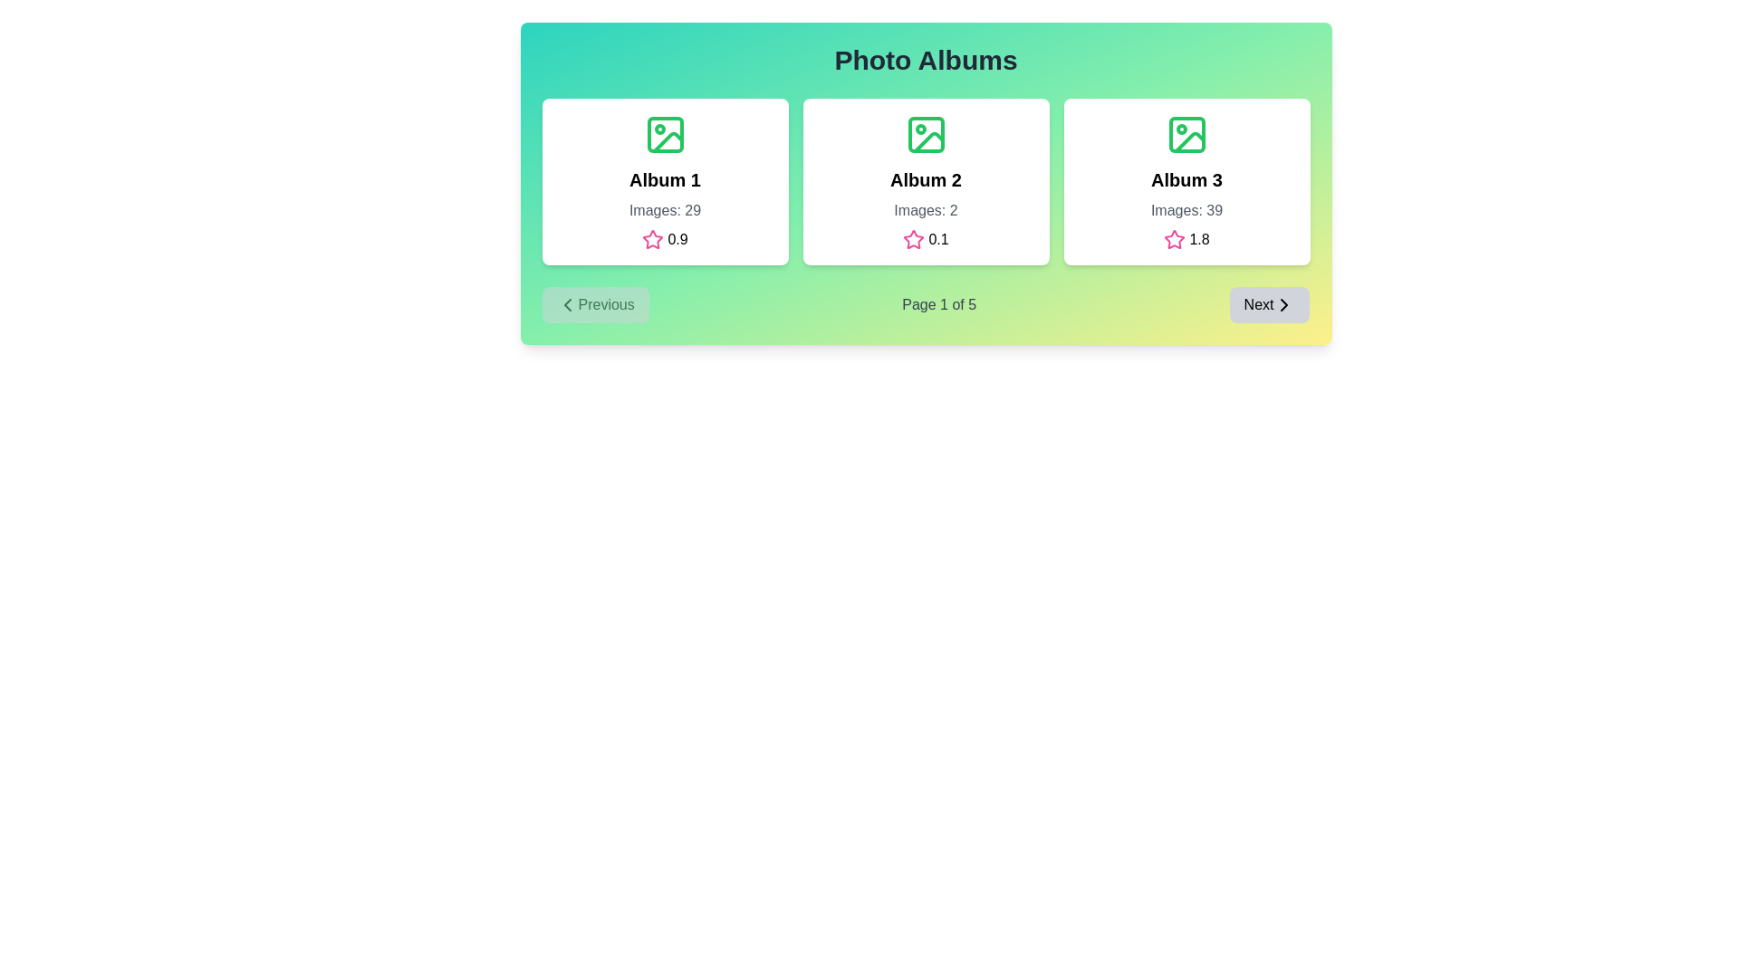  What do you see at coordinates (566, 303) in the screenshot?
I see `the 'Previous' button that contains the left-pointing chevron navigation arrow SVG component` at bounding box center [566, 303].